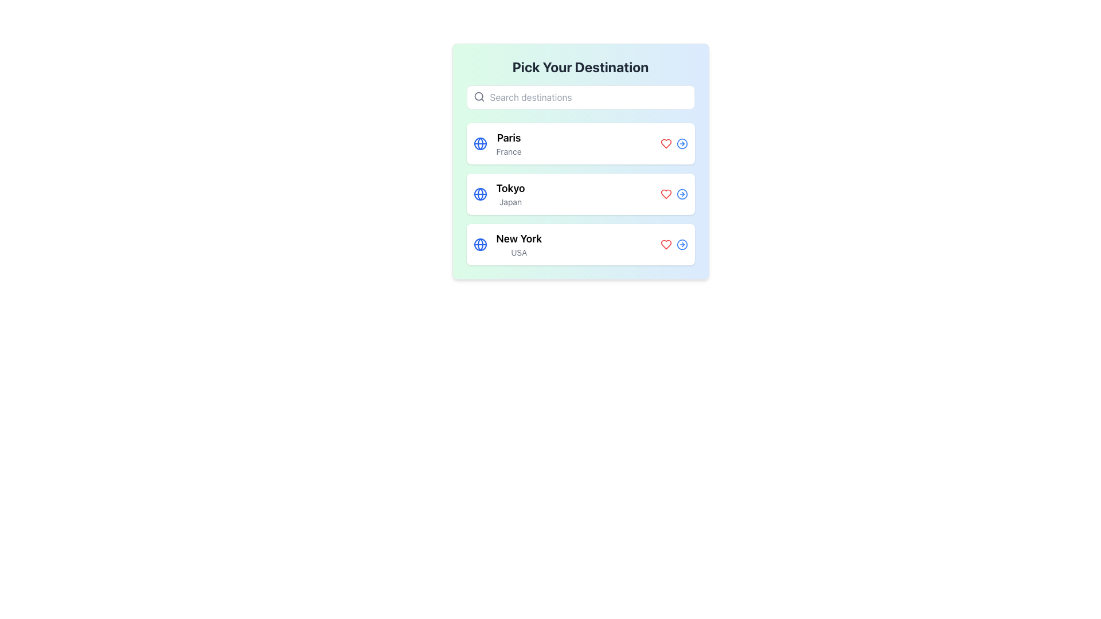 The width and height of the screenshot is (1101, 619). Describe the element at coordinates (507, 244) in the screenshot. I see `the list item displaying the location name 'New York, USA'` at that location.